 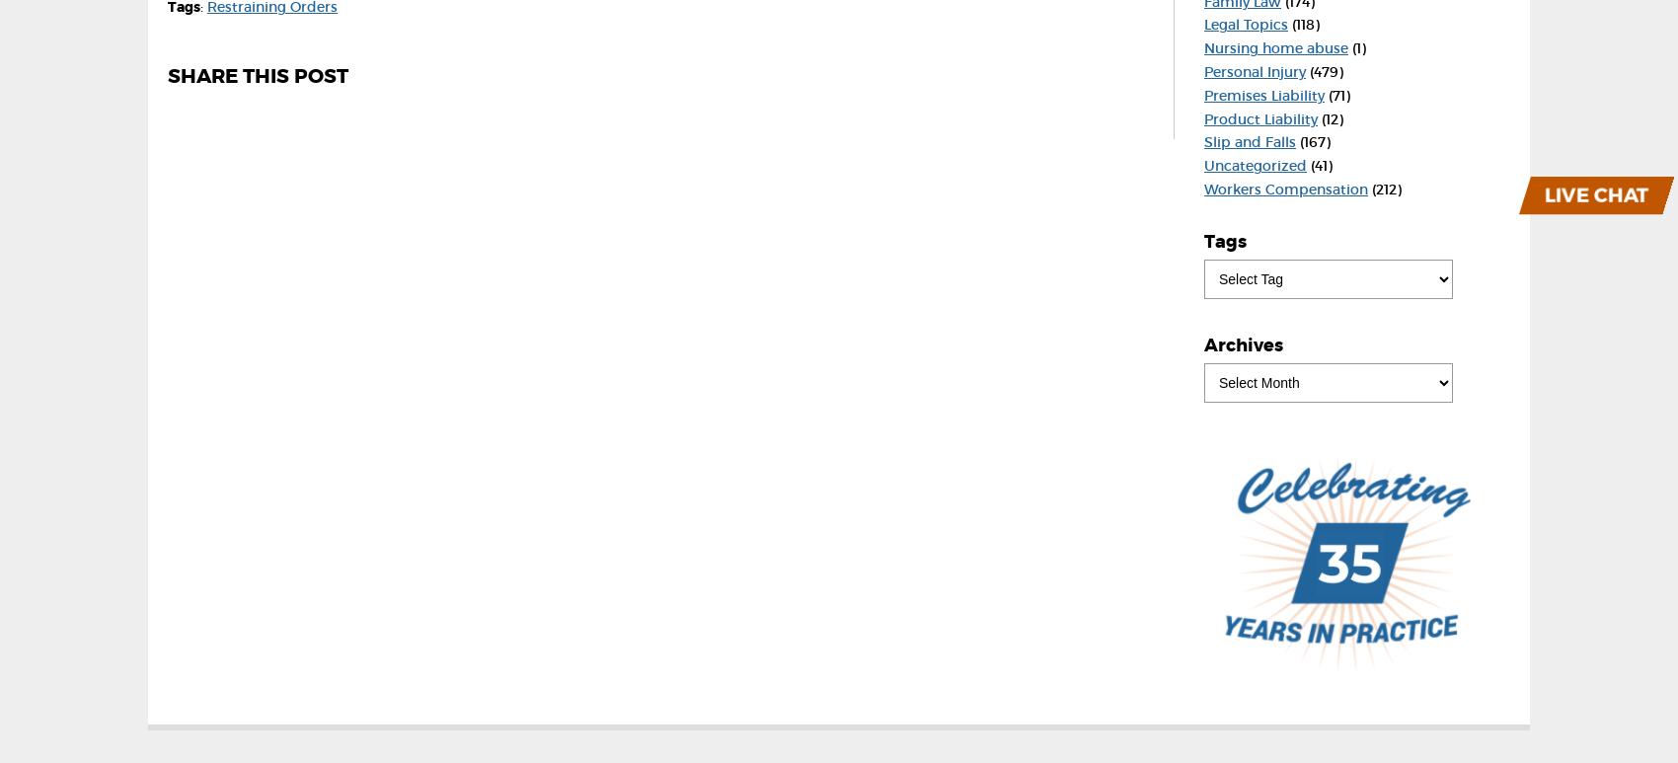 I want to click on 'Legal Topics', so click(x=1245, y=24).